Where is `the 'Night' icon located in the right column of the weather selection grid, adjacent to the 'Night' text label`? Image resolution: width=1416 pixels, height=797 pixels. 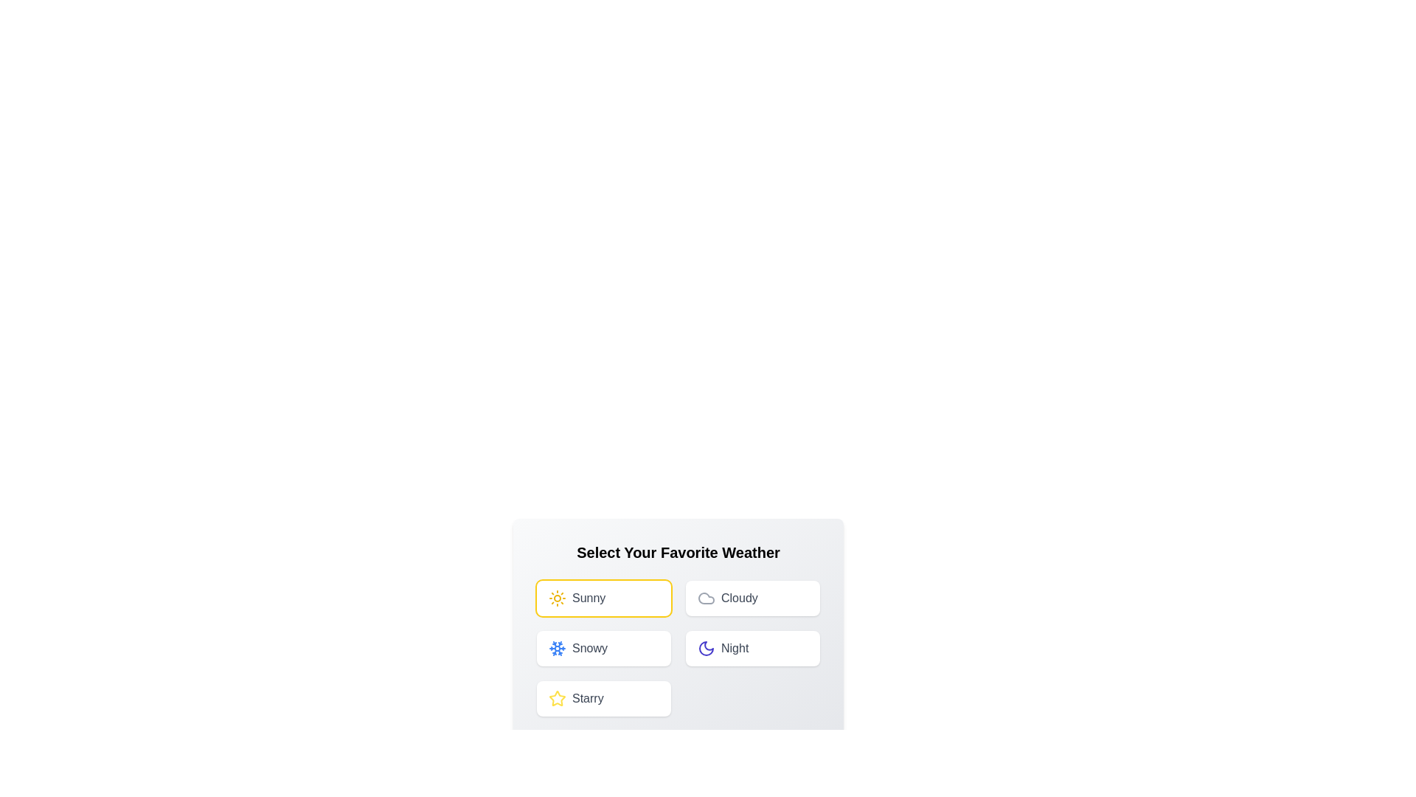
the 'Night' icon located in the right column of the weather selection grid, adjacent to the 'Night' text label is located at coordinates (706, 648).